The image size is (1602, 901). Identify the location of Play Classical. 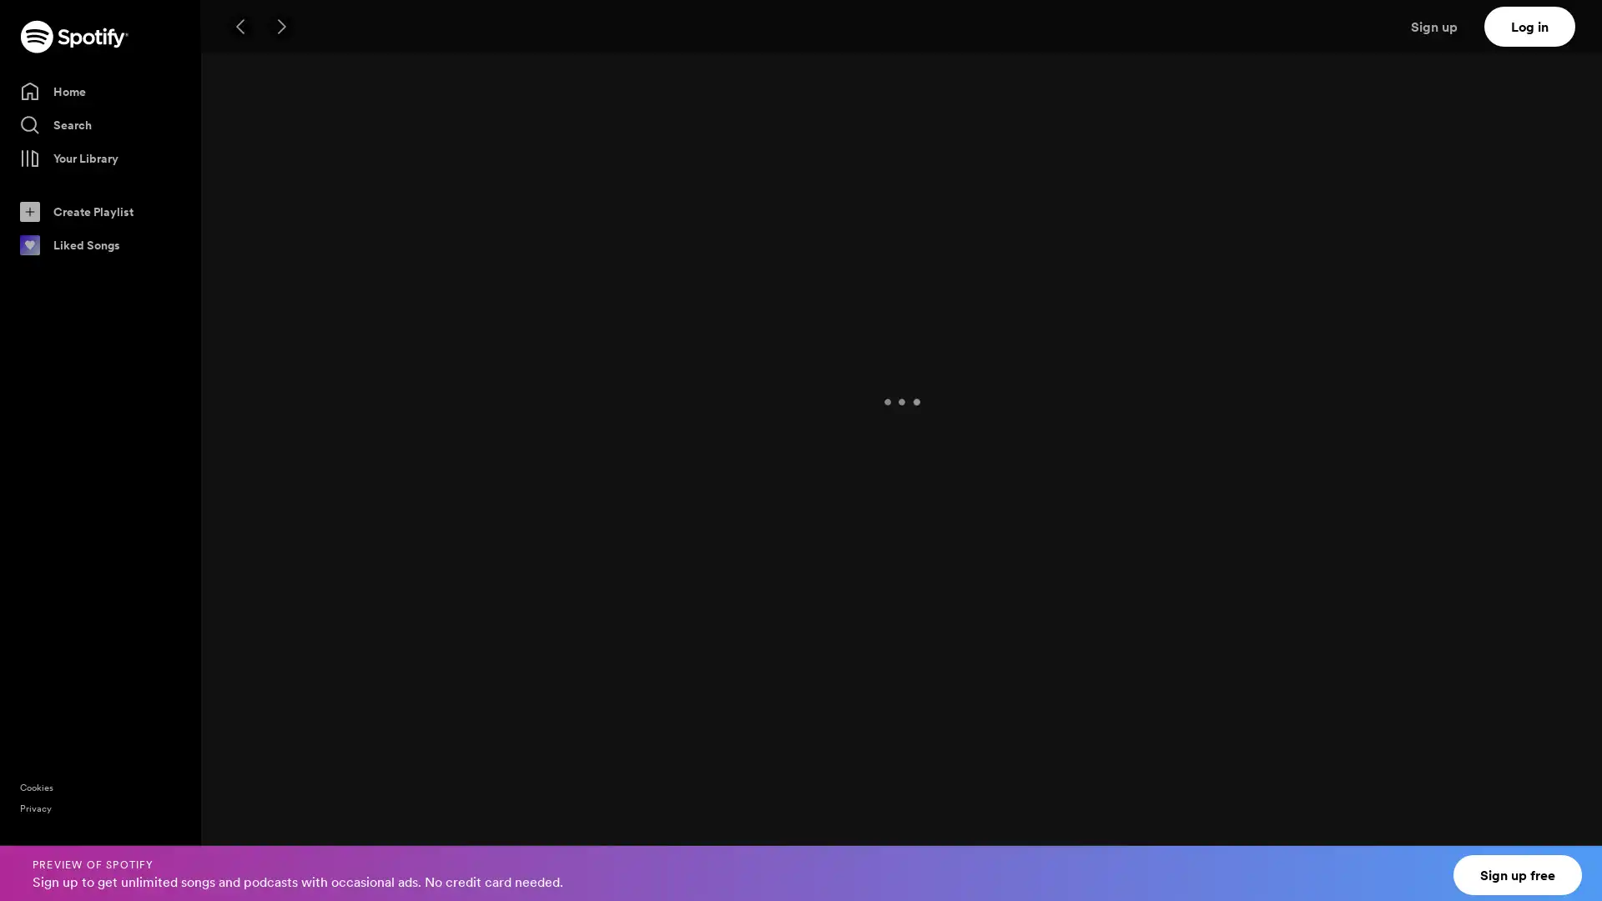
(680, 507).